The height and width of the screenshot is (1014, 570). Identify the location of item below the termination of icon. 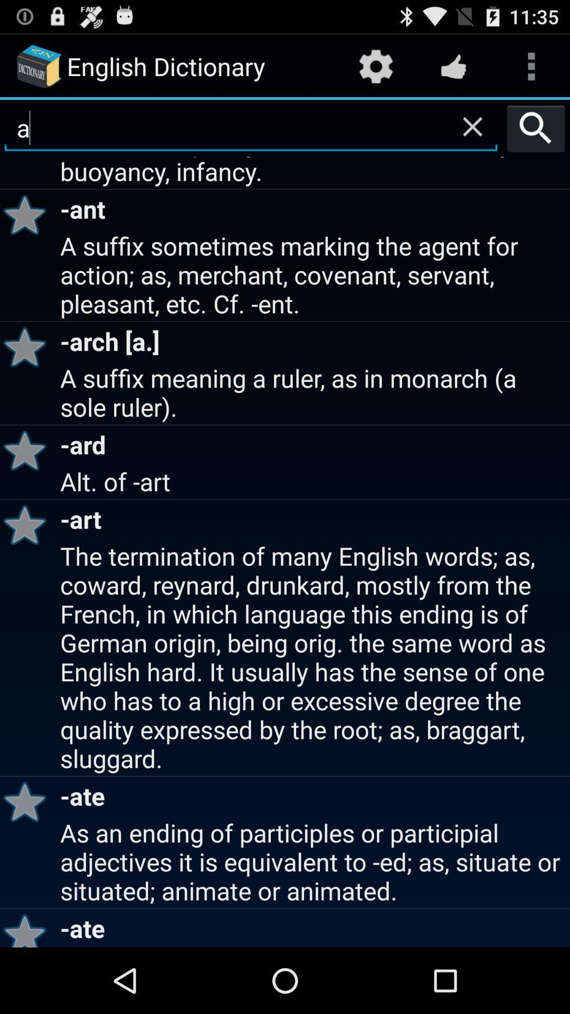
(28, 801).